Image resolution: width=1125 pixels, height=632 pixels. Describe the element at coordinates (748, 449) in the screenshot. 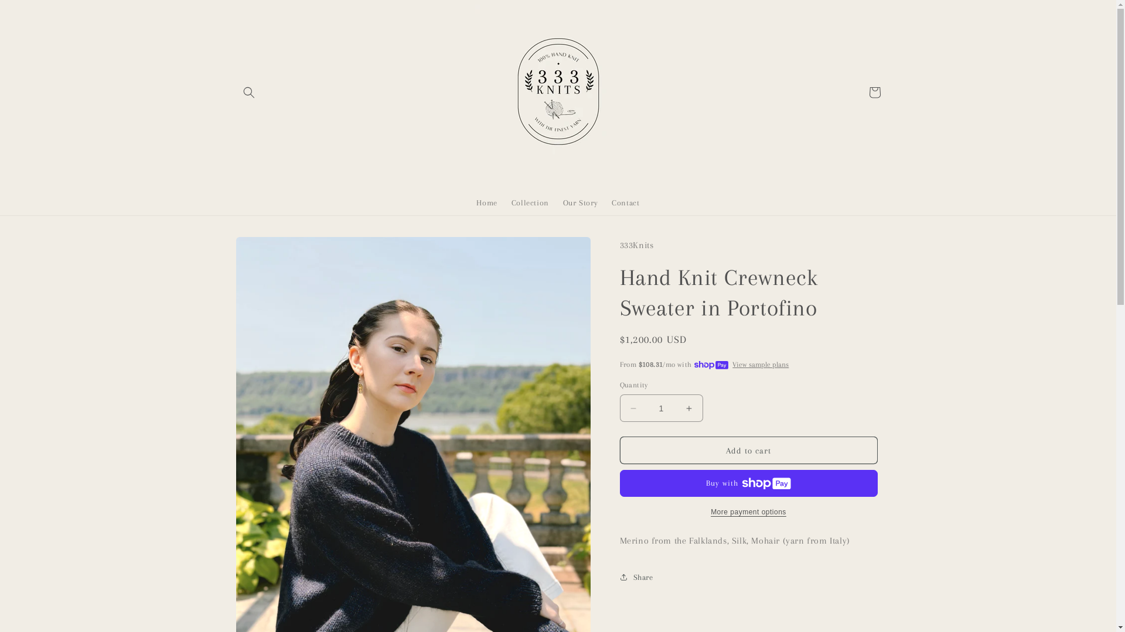

I see `'Add to cart'` at that location.